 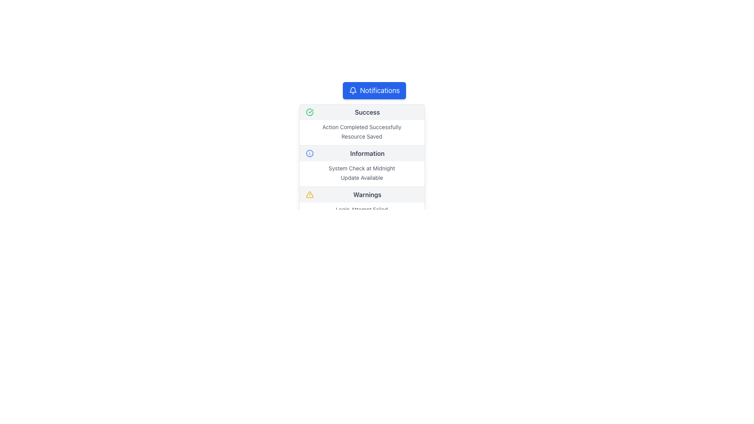 What do you see at coordinates (361, 127) in the screenshot?
I see `the text label that displays 'Action Completed Successfully' in a gray font within the notifications section` at bounding box center [361, 127].